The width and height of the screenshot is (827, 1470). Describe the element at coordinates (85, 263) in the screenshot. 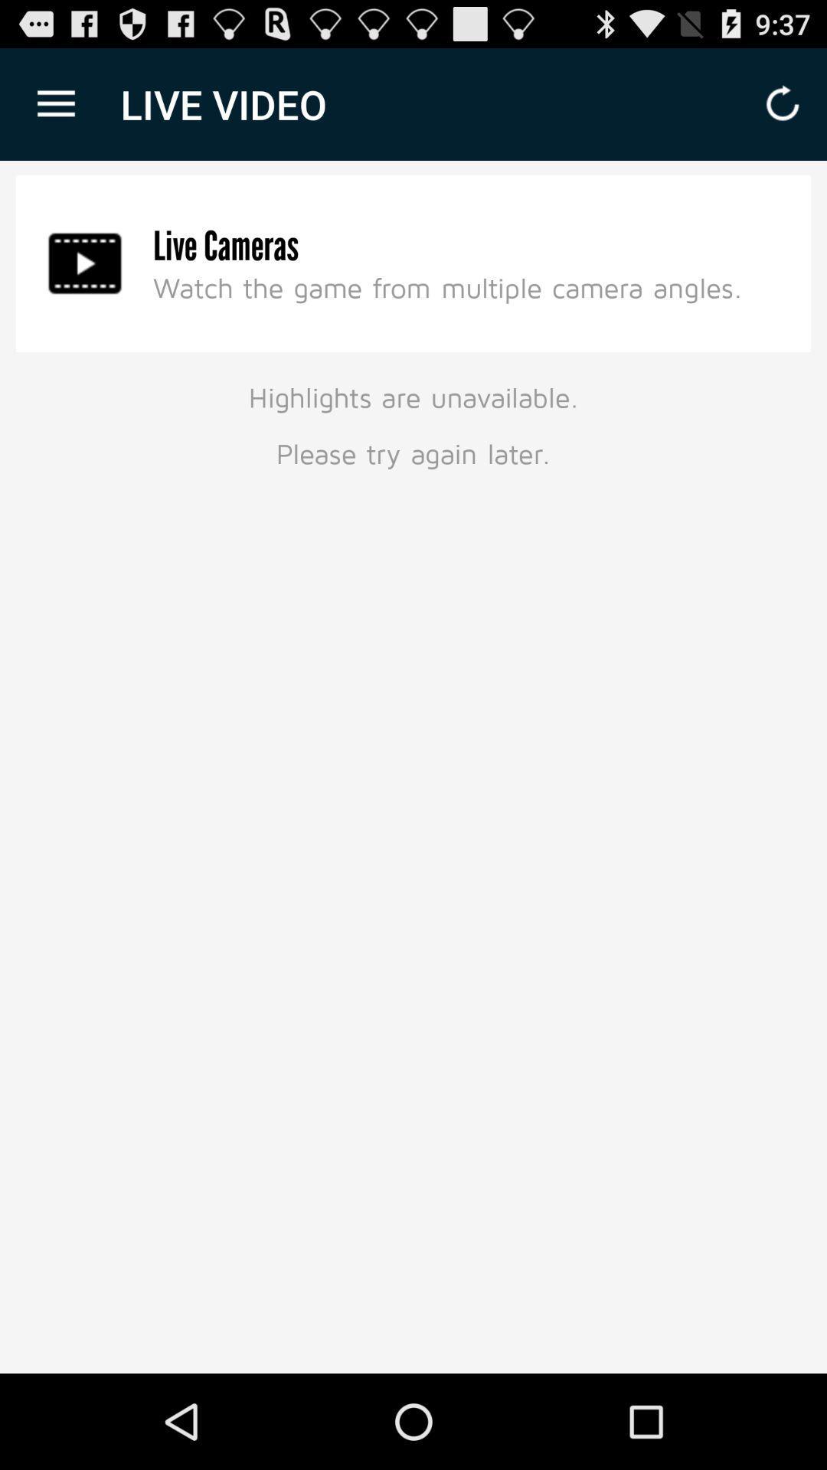

I see `item above highlights are unavailable item` at that location.